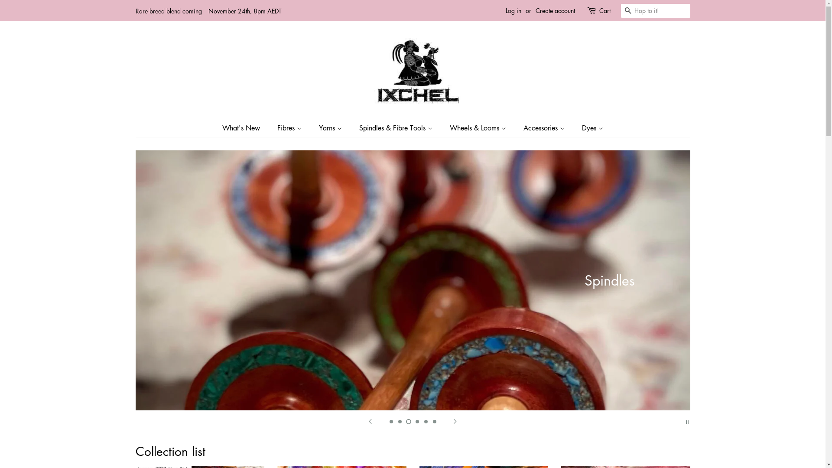 This screenshot has width=832, height=468. I want to click on 'Spindles & Fibre Tools', so click(396, 128).